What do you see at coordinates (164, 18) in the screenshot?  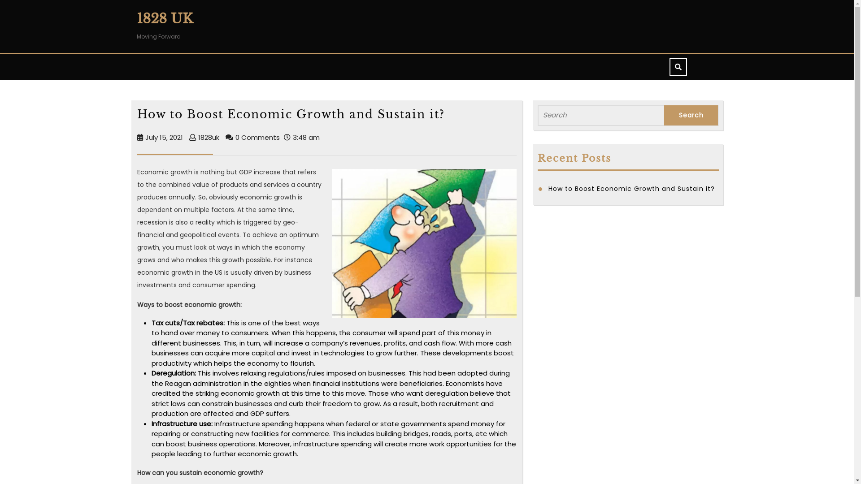 I see `'1828 UK'` at bounding box center [164, 18].